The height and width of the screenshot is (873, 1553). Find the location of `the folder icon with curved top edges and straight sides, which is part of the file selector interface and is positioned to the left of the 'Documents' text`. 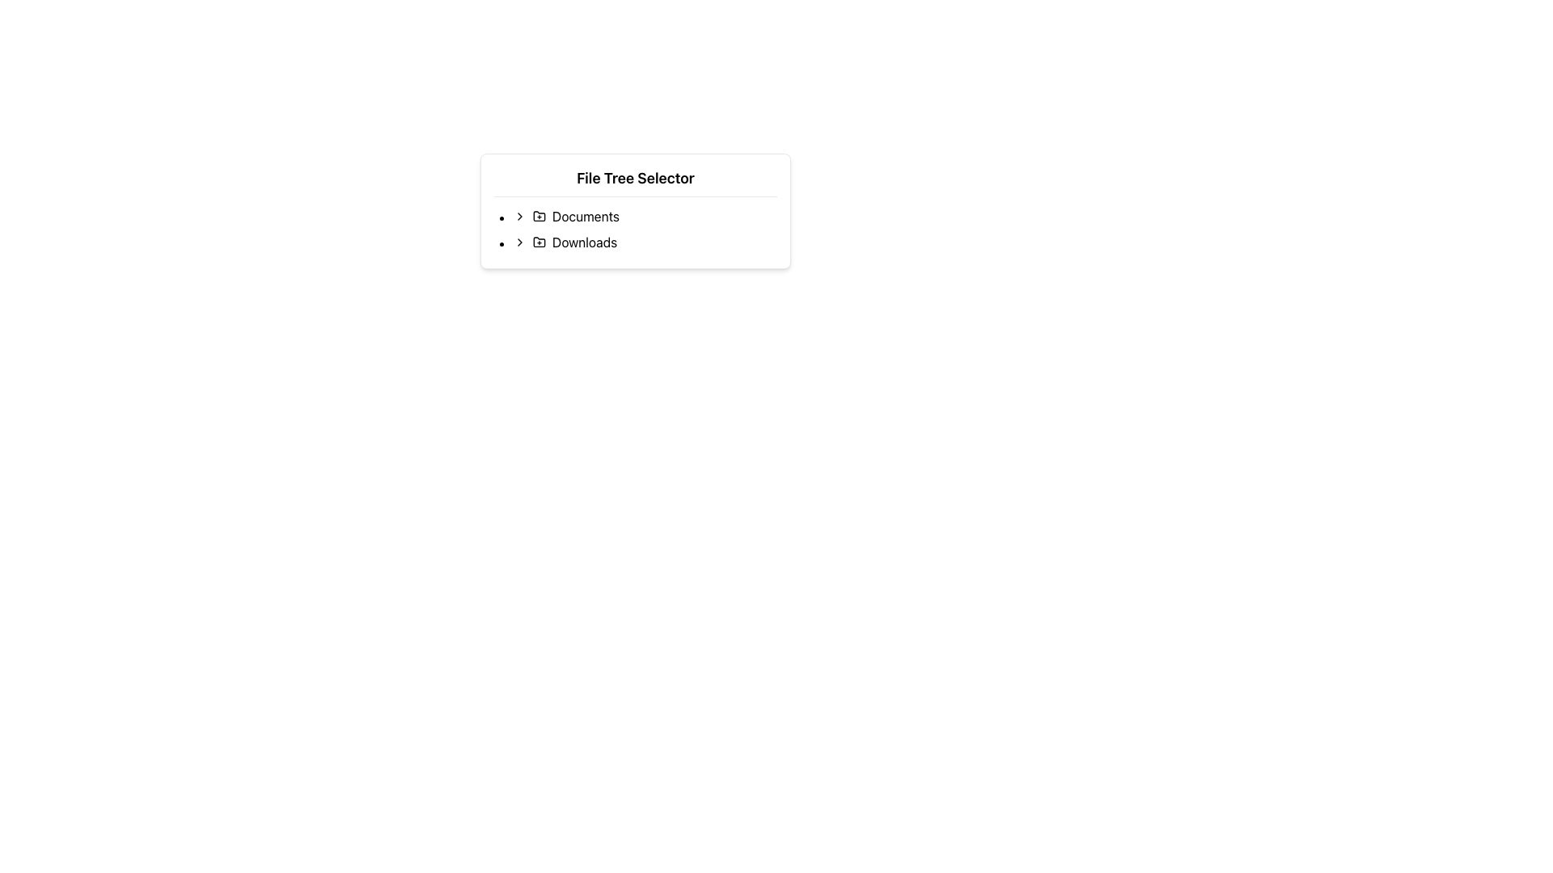

the folder icon with curved top edges and straight sides, which is part of the file selector interface and is positioned to the left of the 'Documents' text is located at coordinates (540, 214).